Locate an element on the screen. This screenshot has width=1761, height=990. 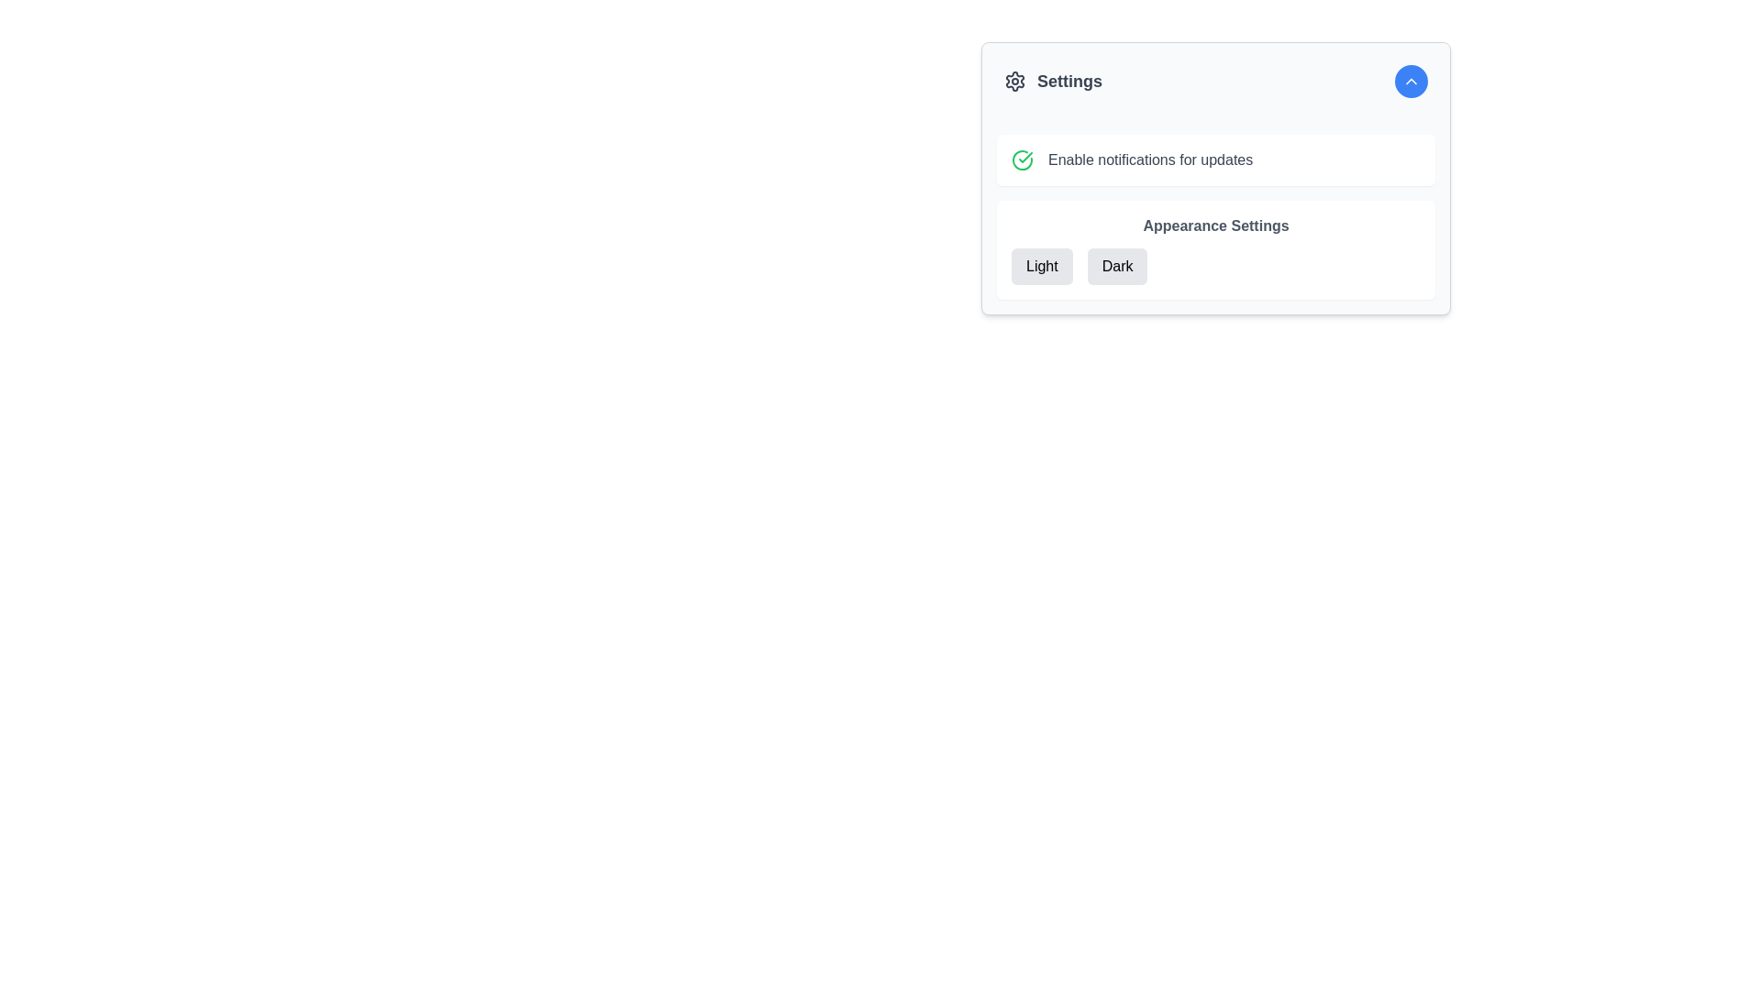
the downward arrow icon located in the top right corner of the settings card, which is part of a rounded button with a blue background, to interact with it is located at coordinates (1411, 80).